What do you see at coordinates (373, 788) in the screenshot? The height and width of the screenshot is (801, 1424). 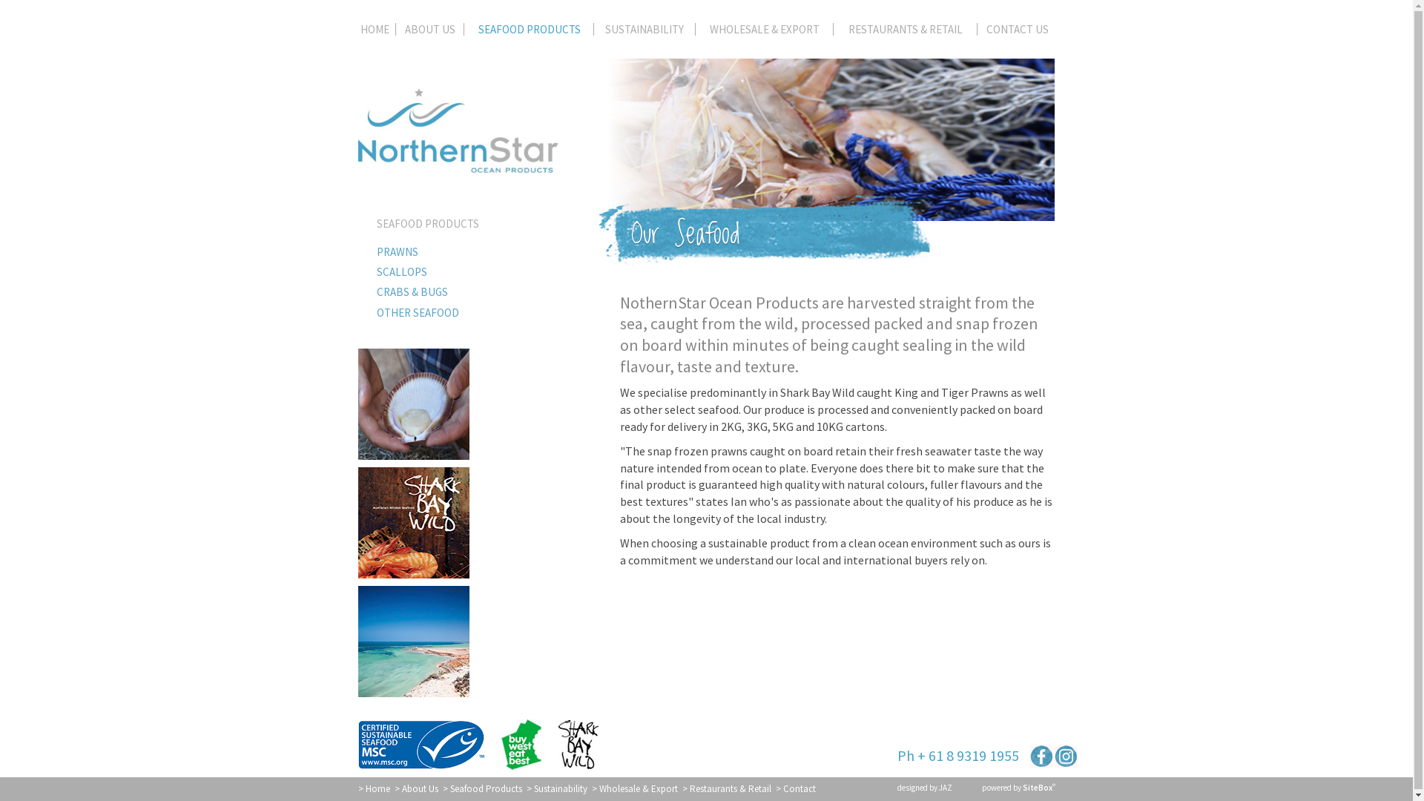 I see `'> Home'` at bounding box center [373, 788].